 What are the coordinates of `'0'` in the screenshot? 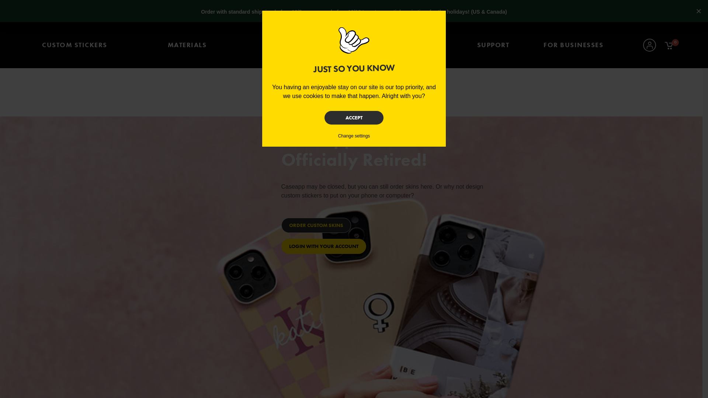 It's located at (669, 45).